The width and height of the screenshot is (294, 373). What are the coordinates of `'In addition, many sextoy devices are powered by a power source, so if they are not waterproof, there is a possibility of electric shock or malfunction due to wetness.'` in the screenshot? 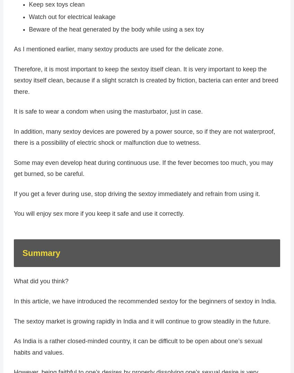 It's located at (144, 140).